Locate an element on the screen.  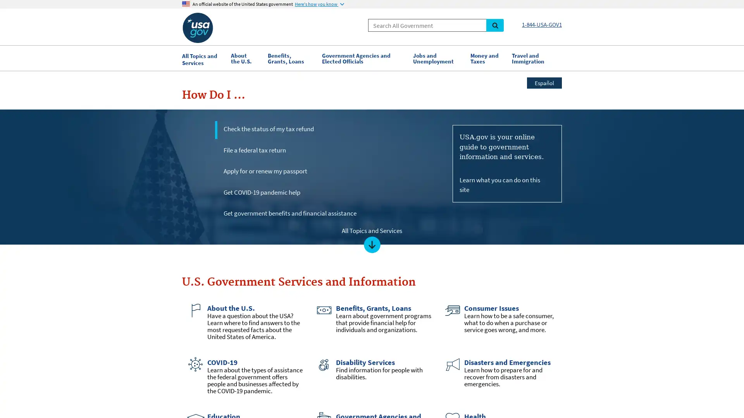
Search is located at coordinates (494, 25).